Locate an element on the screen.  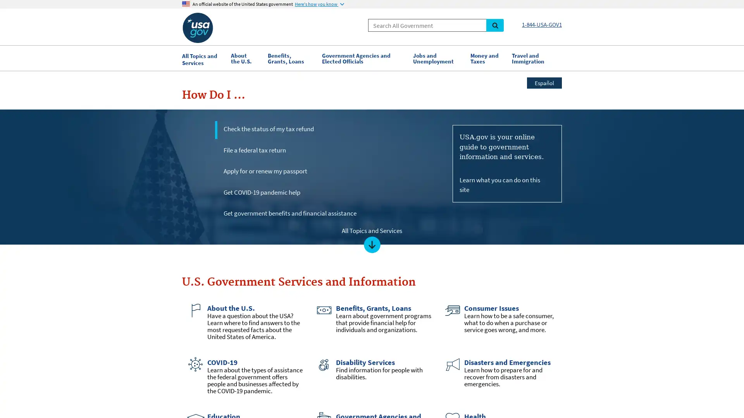
Search is located at coordinates (494, 25).